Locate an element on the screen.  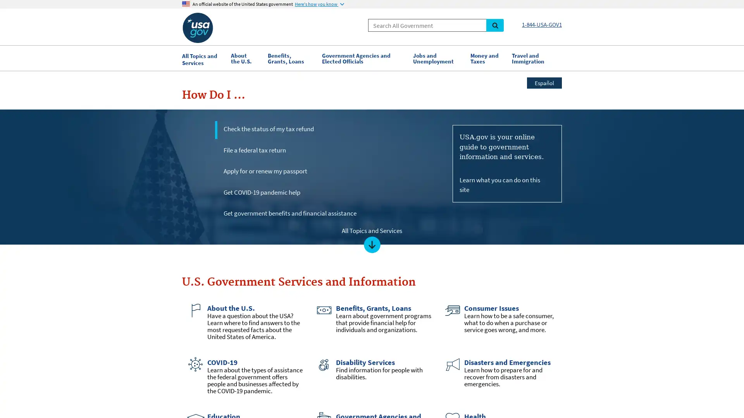
Search is located at coordinates (494, 25).